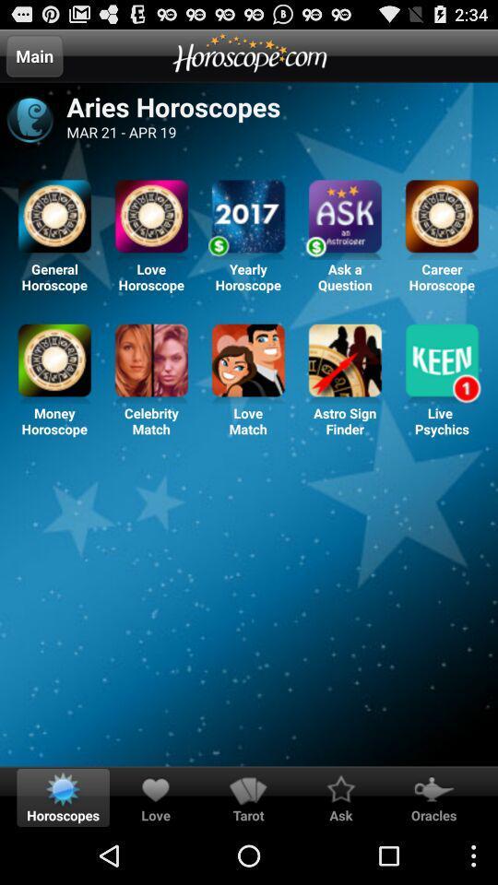 Image resolution: width=498 pixels, height=885 pixels. I want to click on the tarot option, so click(248, 788).